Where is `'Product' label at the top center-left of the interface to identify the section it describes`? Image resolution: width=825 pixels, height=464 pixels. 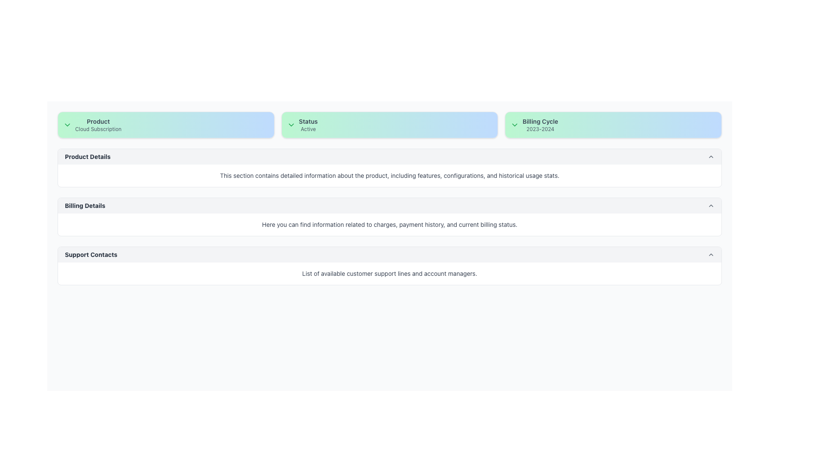 'Product' label at the top center-left of the interface to identify the section it describes is located at coordinates (98, 121).